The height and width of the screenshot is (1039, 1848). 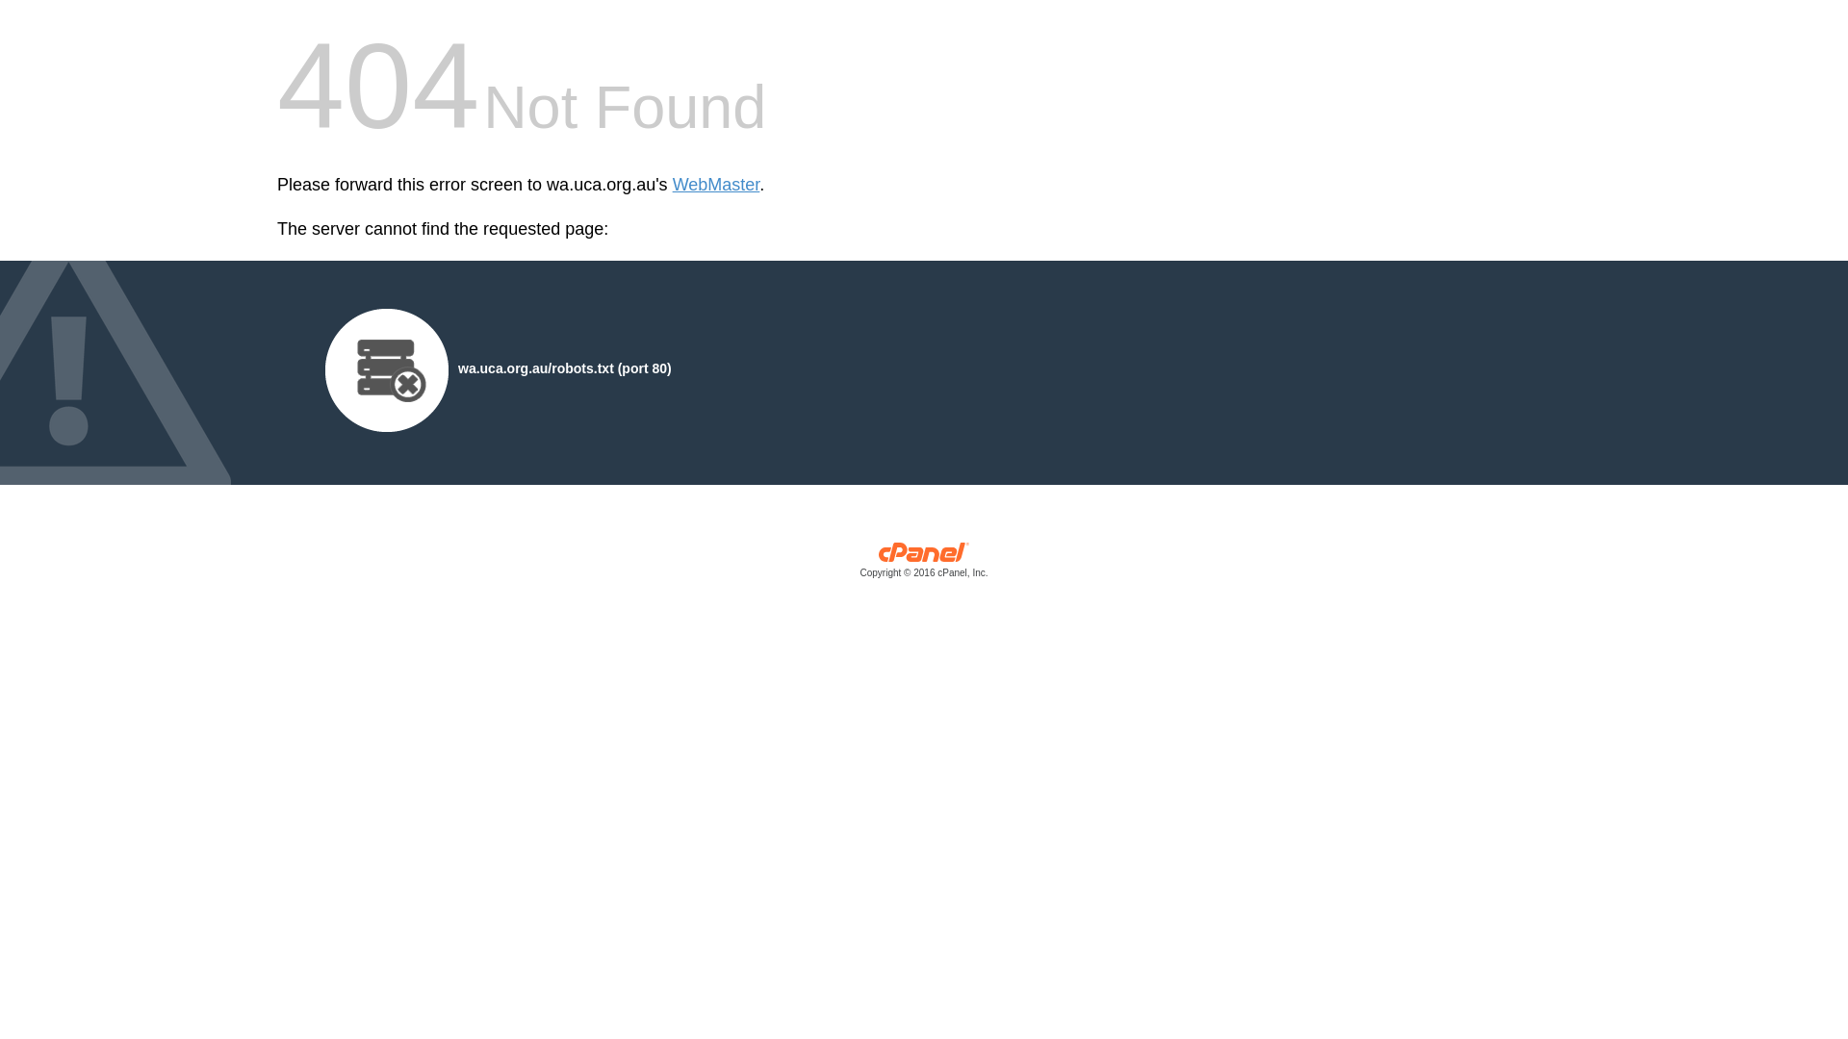 I want to click on 'WebMaster', so click(x=715, y=185).